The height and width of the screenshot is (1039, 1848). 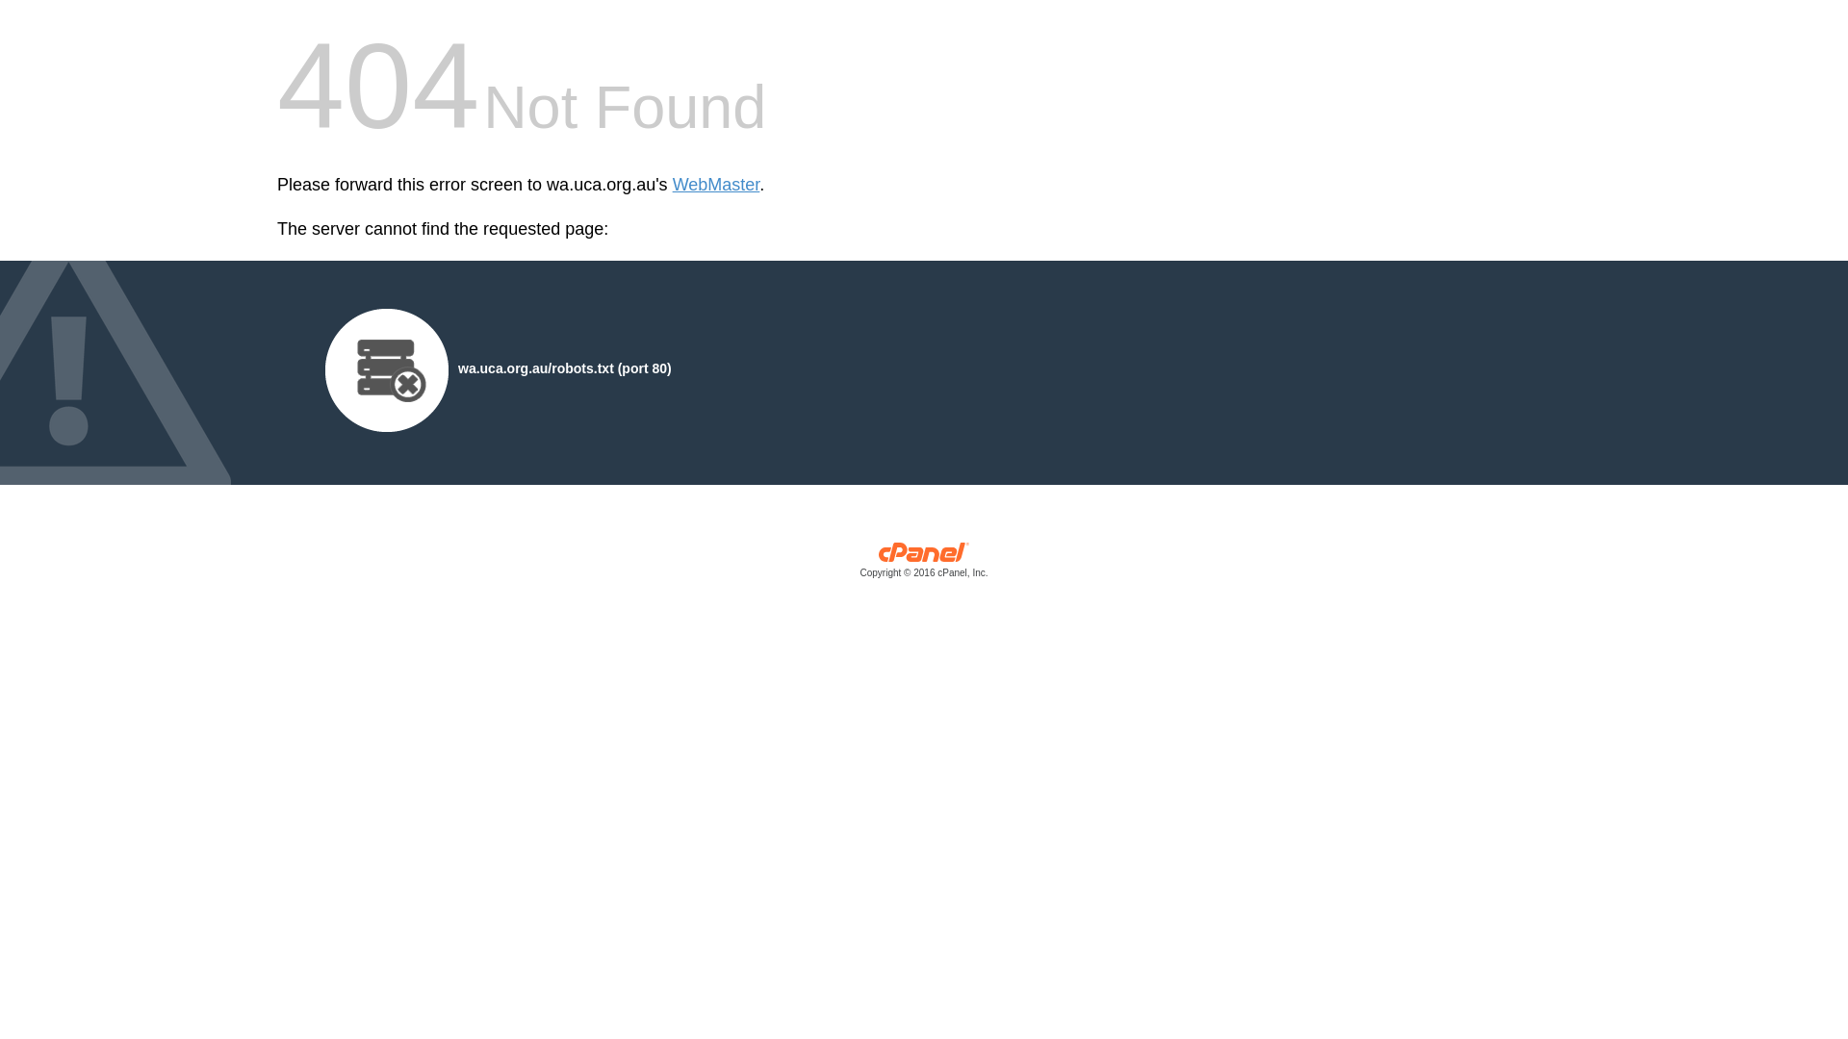 I want to click on 'WebMaster', so click(x=715, y=185).